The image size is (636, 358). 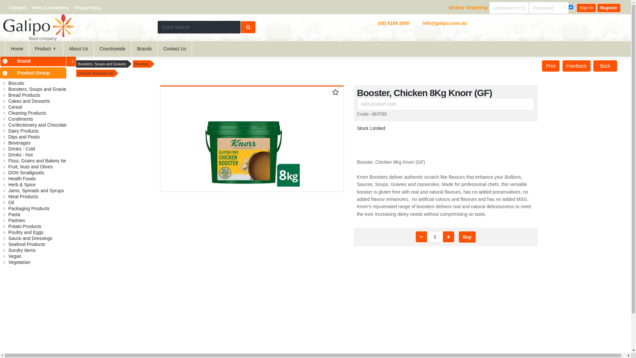 I want to click on 'Drinks - Hot', so click(x=21, y=154).